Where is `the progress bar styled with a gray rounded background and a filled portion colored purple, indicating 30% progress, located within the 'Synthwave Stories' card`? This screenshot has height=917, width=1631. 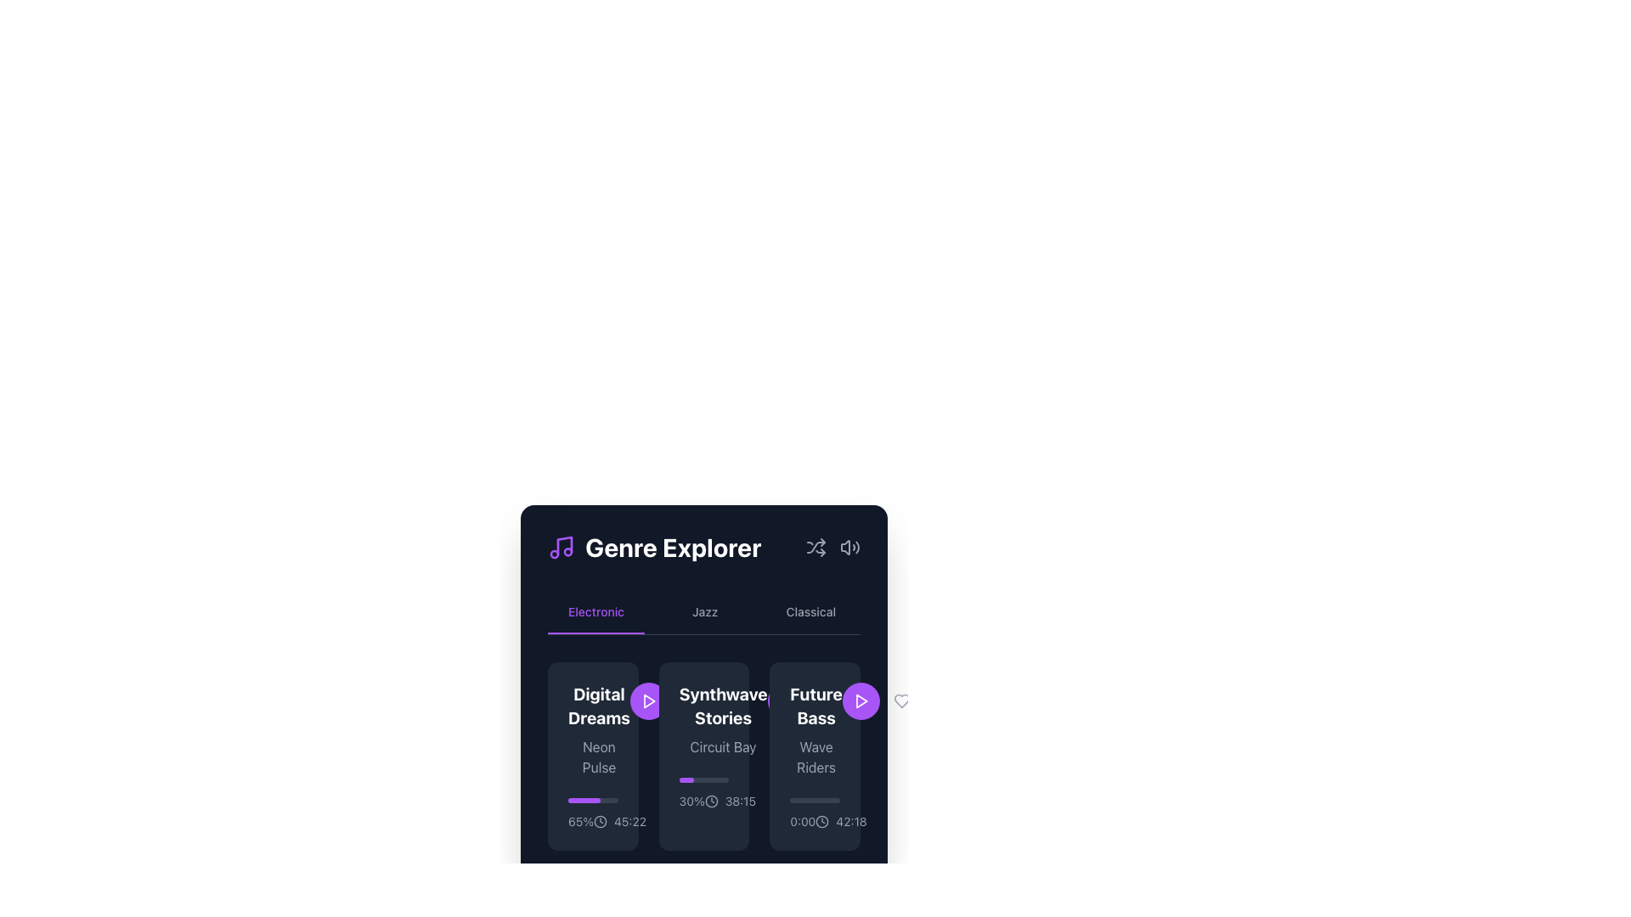 the progress bar styled with a gray rounded background and a filled portion colored purple, indicating 30% progress, located within the 'Synthwave Stories' card is located at coordinates (704, 779).